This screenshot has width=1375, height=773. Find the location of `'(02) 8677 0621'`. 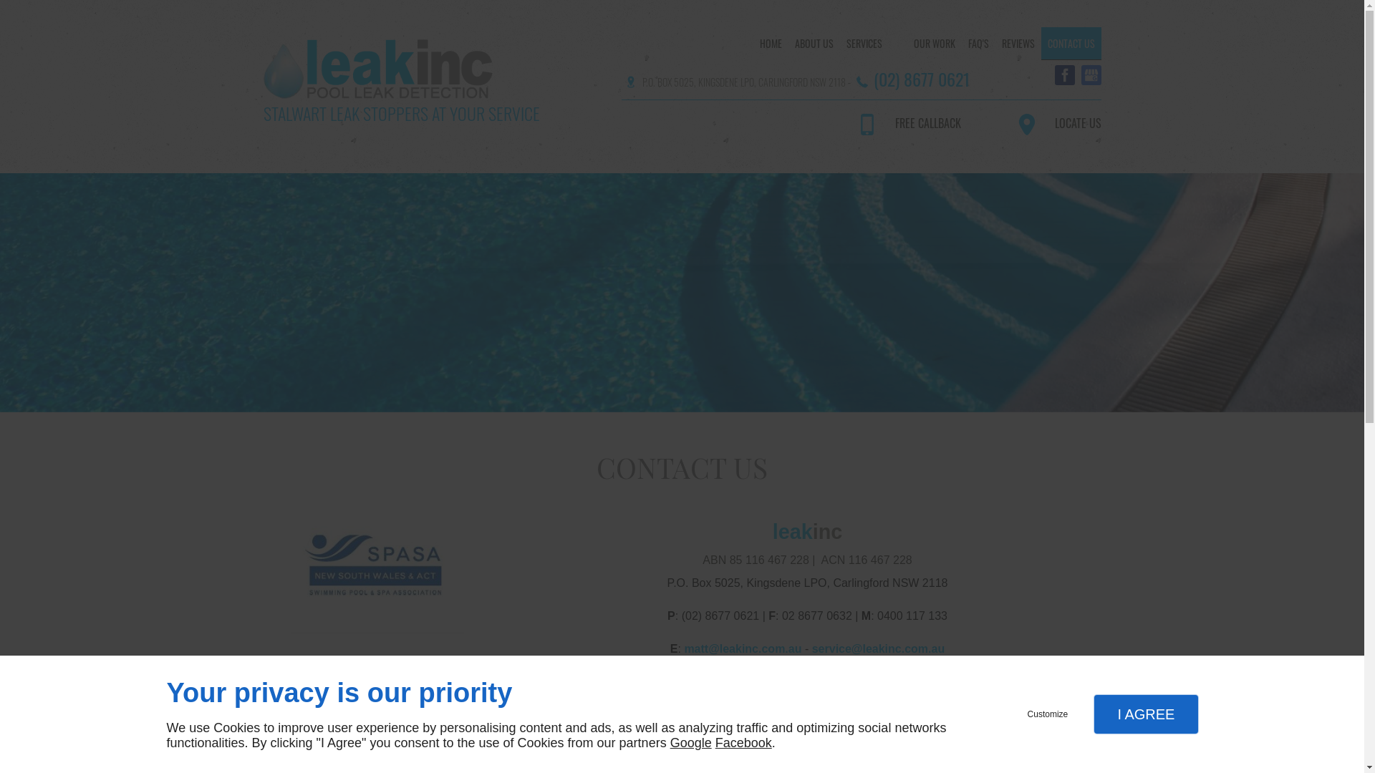

'(02) 8677 0621' is located at coordinates (922, 79).